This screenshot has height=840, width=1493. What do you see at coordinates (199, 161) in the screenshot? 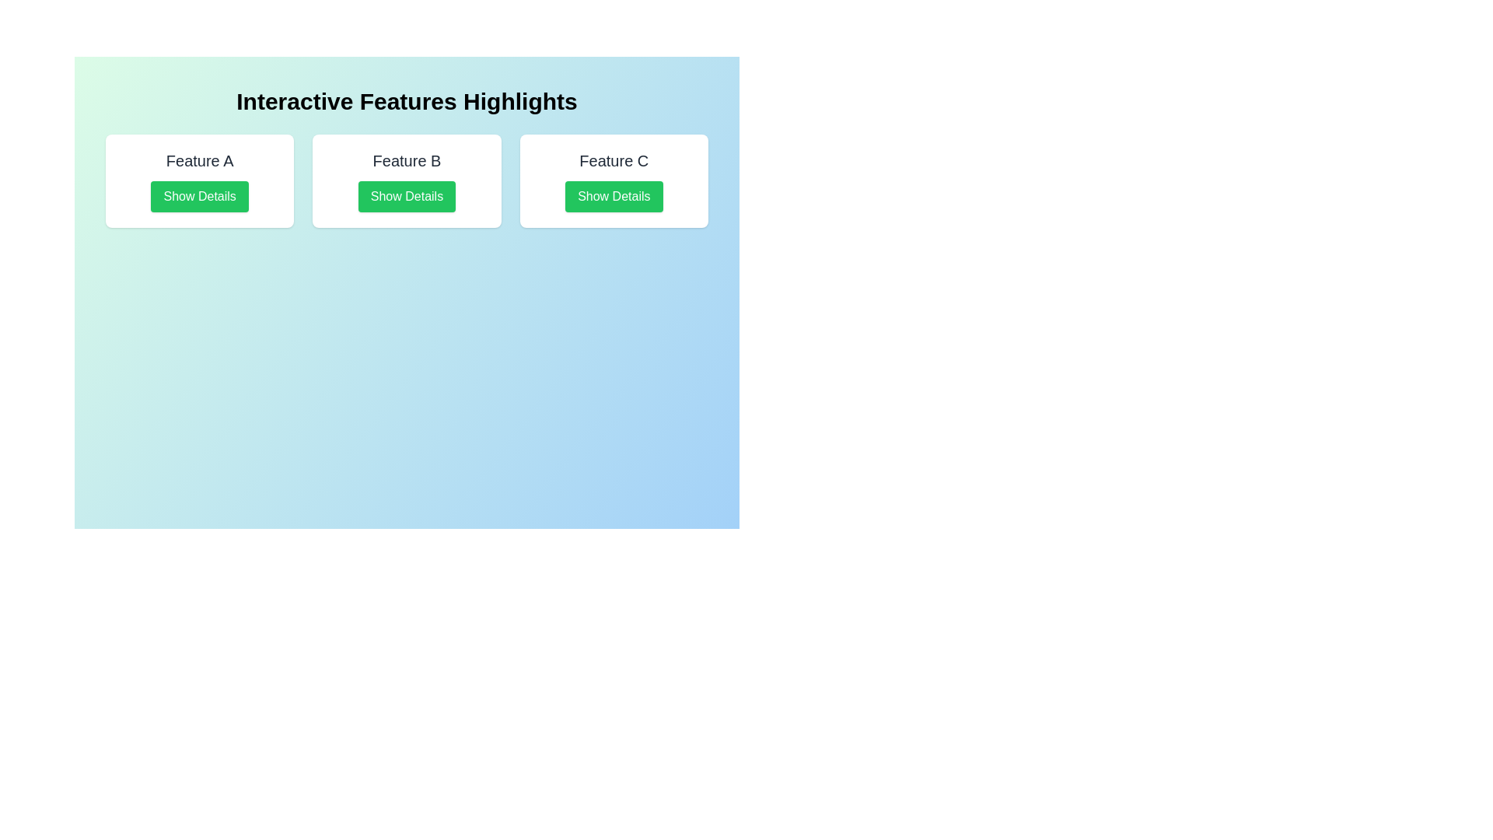
I see `the text label that serves as the title for the feature card, located at the top left of a three-column layout` at bounding box center [199, 161].